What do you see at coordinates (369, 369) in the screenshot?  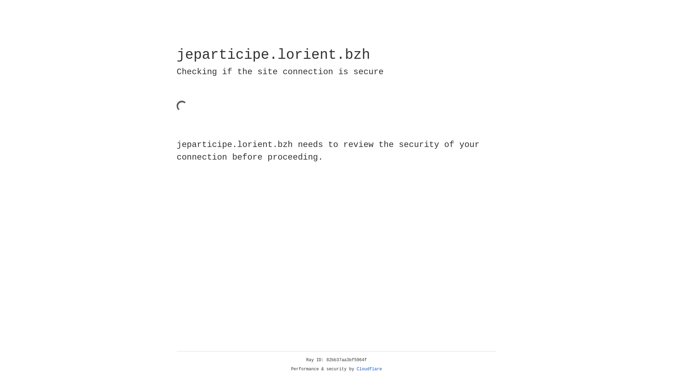 I see `'Cloudflare'` at bounding box center [369, 369].